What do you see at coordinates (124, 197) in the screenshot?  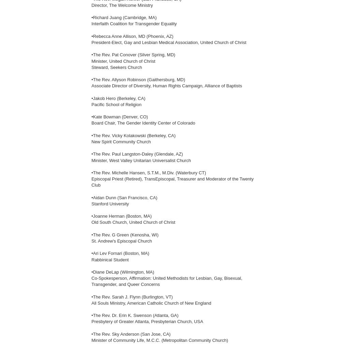 I see `'•Aidan Dunn (San Francisco, CA)'` at bounding box center [124, 197].